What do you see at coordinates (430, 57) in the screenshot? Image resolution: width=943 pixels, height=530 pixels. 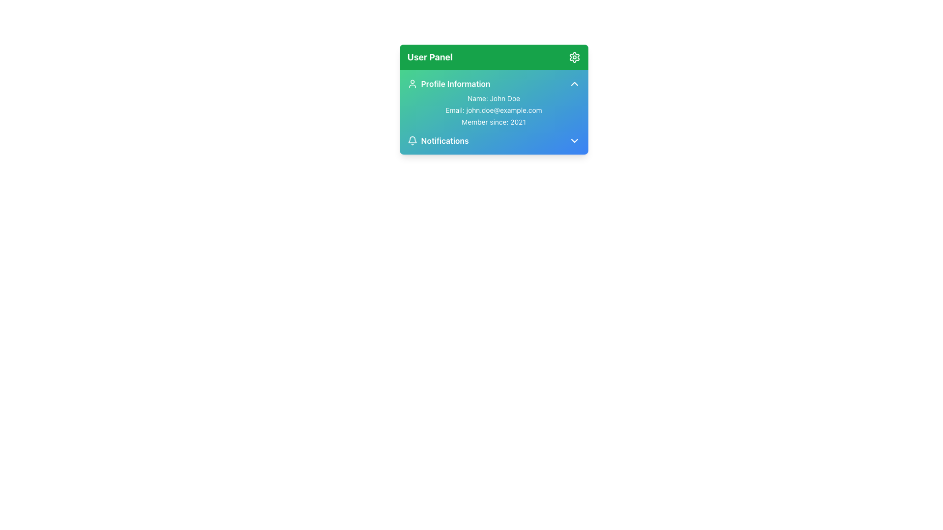 I see `the Text Label that serves as a header for the 'User Panel' content, located at the top-left corner of a green rectangular component` at bounding box center [430, 57].